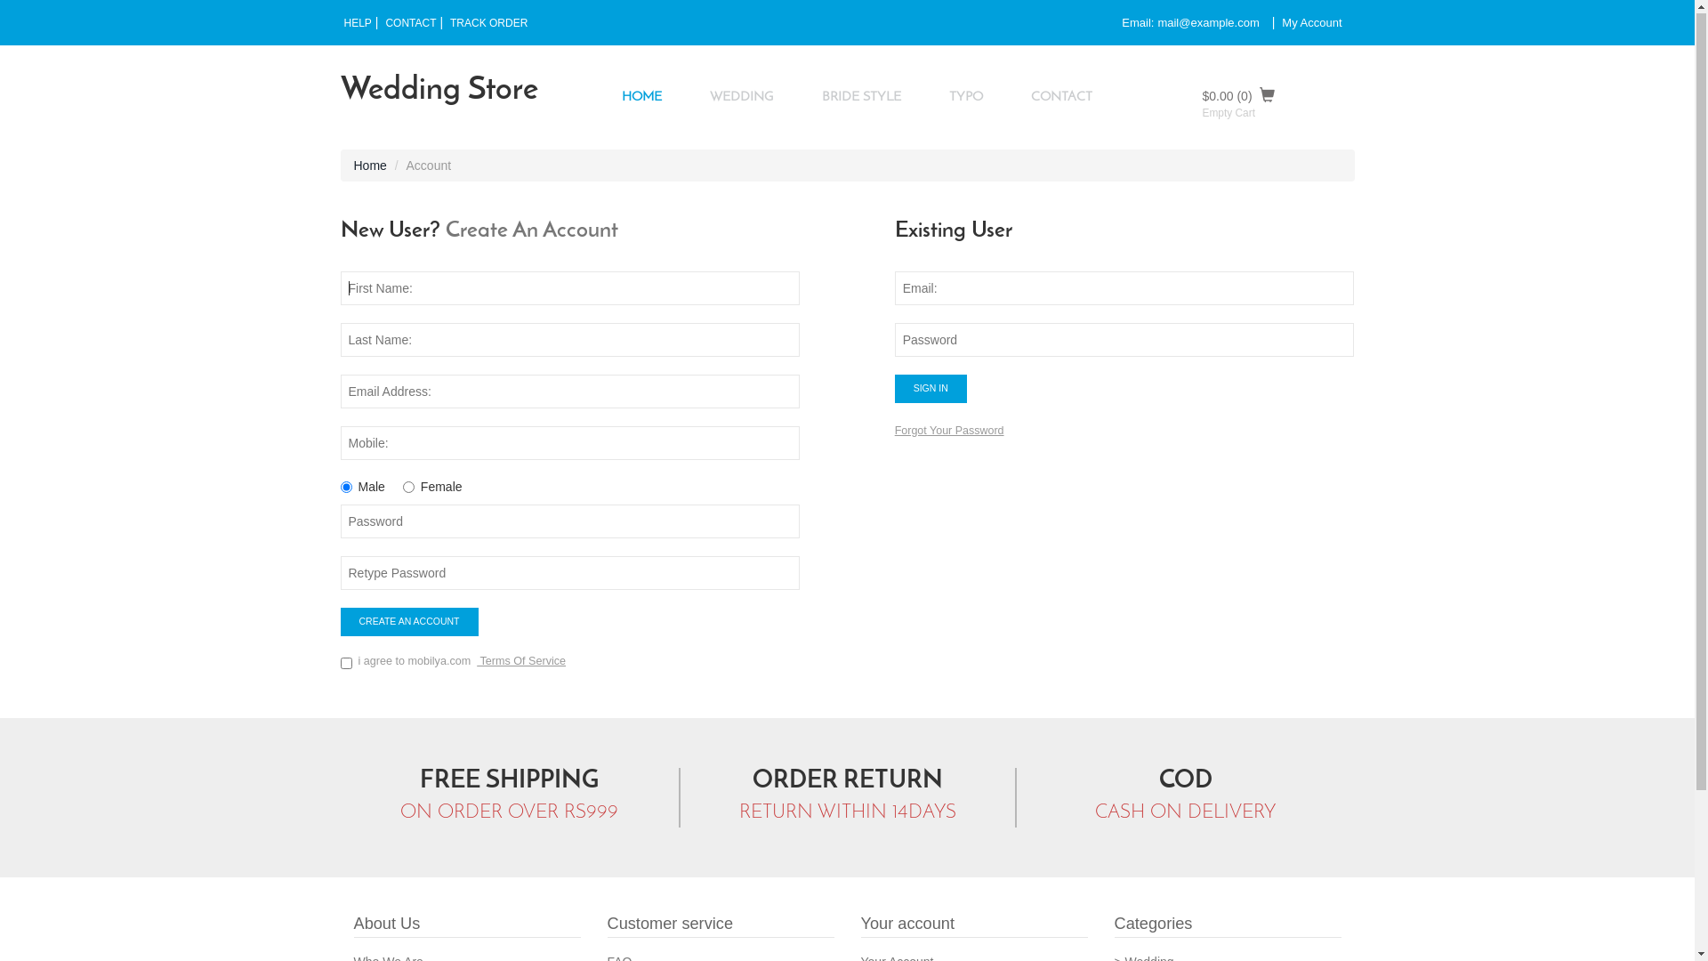 This screenshot has width=1708, height=961. What do you see at coordinates (340, 92) in the screenshot?
I see `'Wedding Store'` at bounding box center [340, 92].